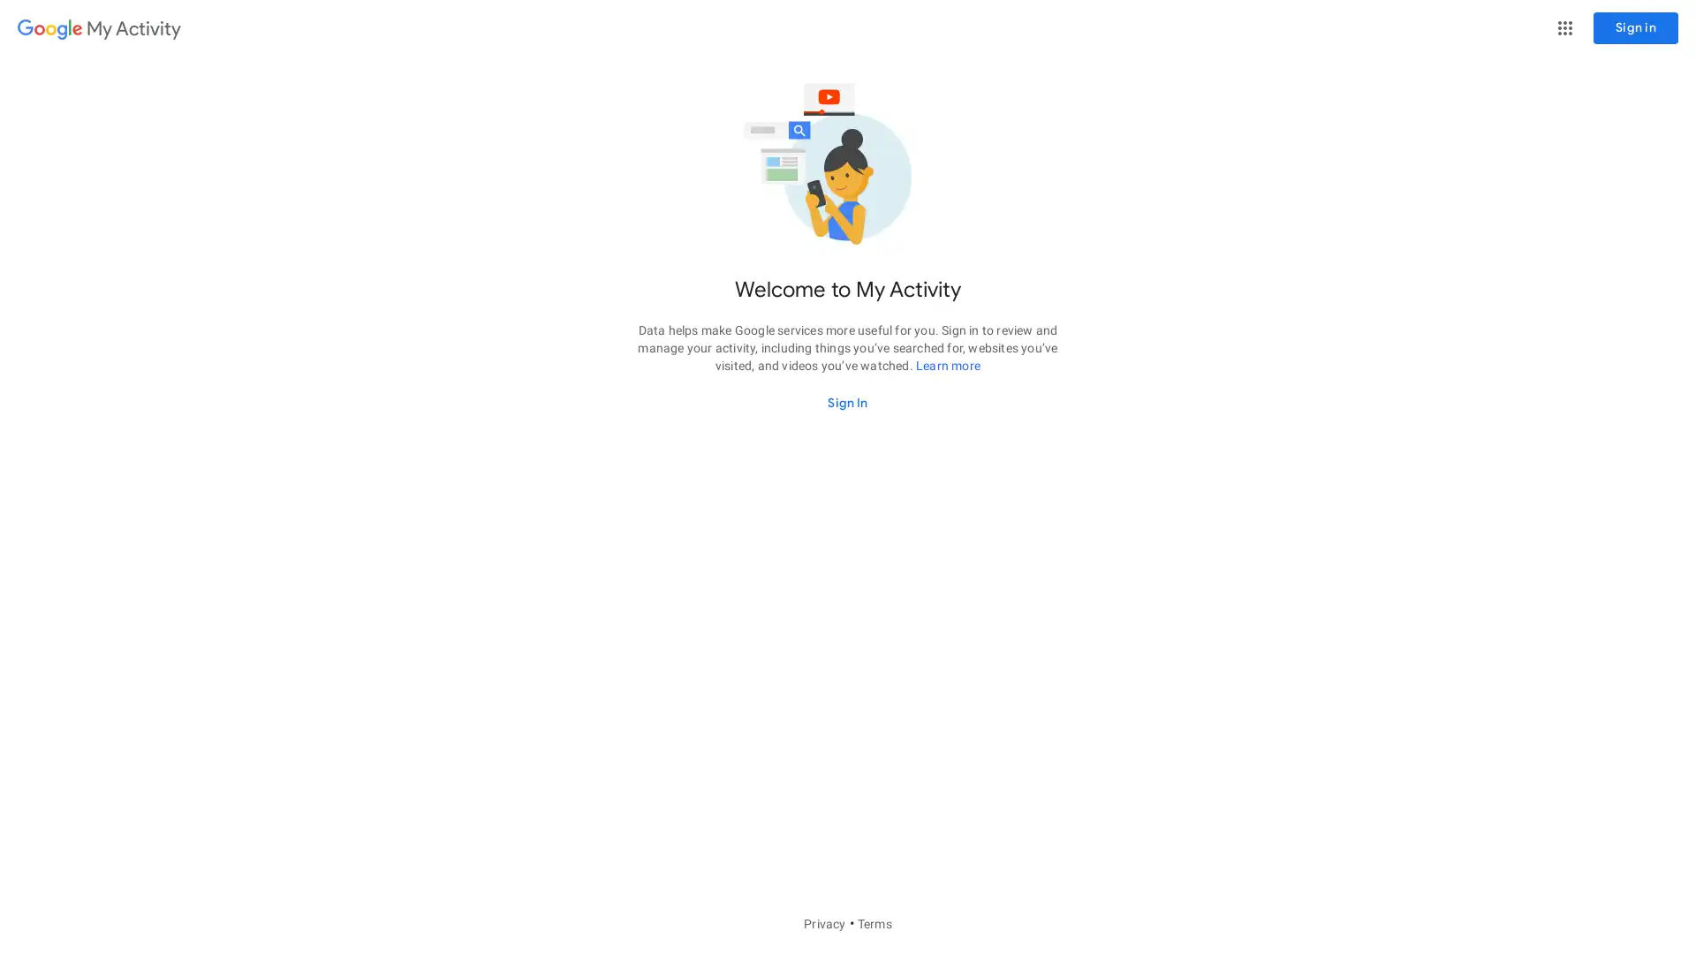  I want to click on Google apps, so click(1564, 27).